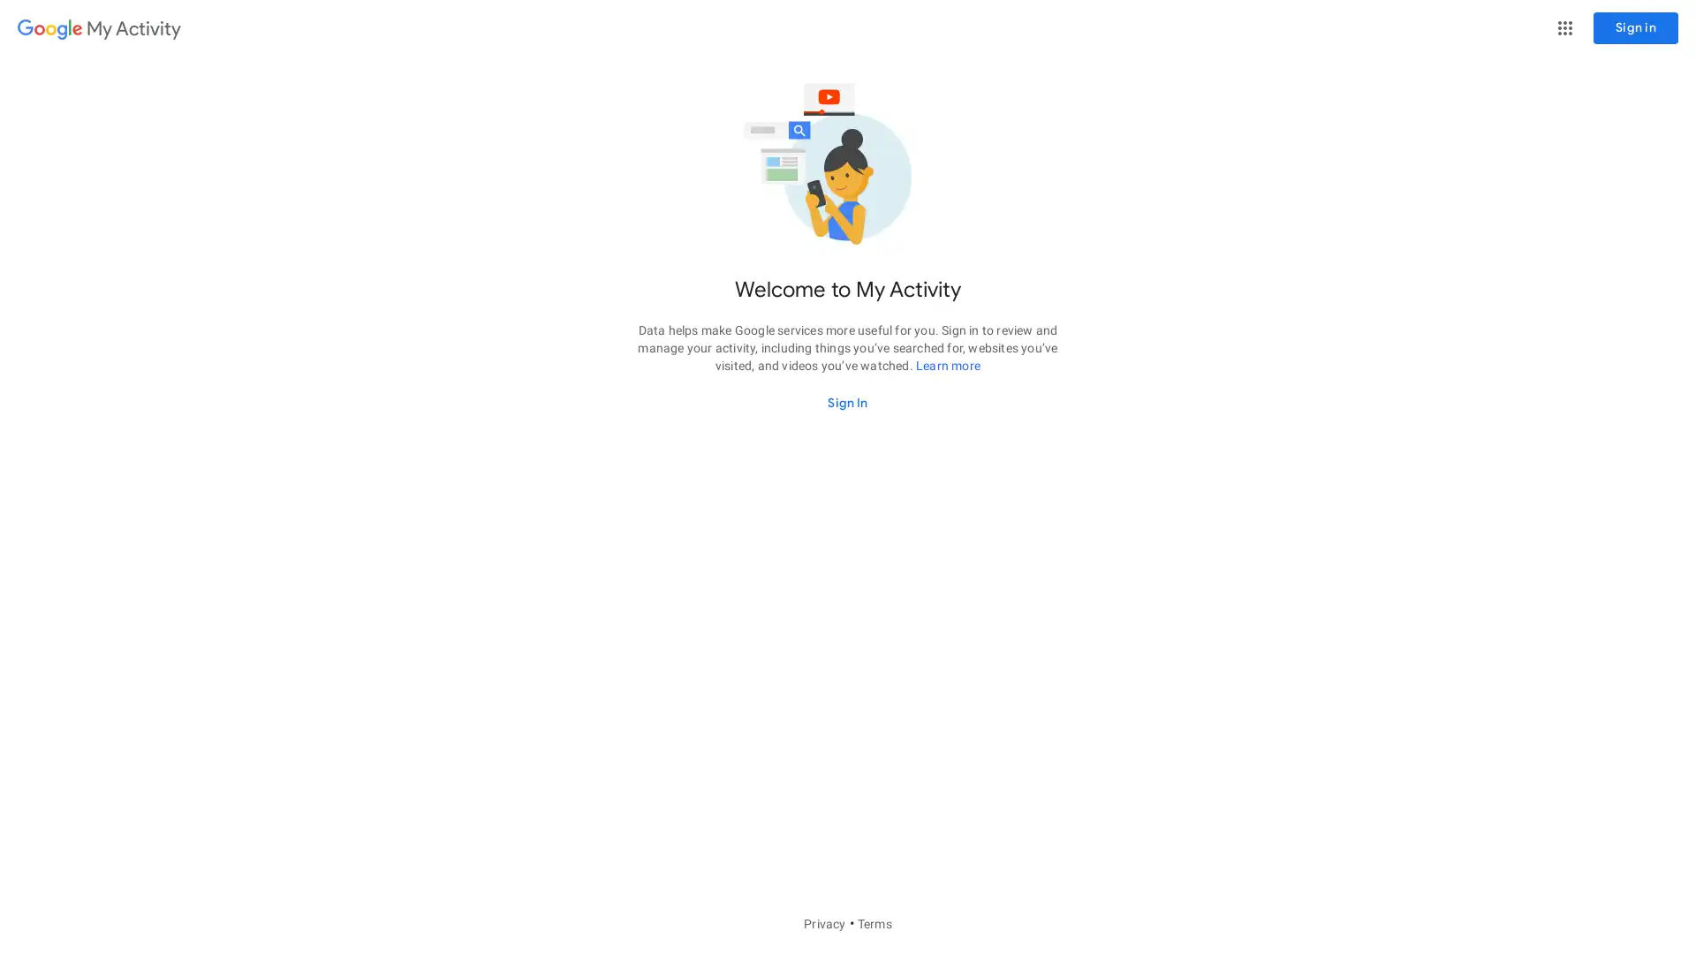  I want to click on Google apps, so click(1564, 27).